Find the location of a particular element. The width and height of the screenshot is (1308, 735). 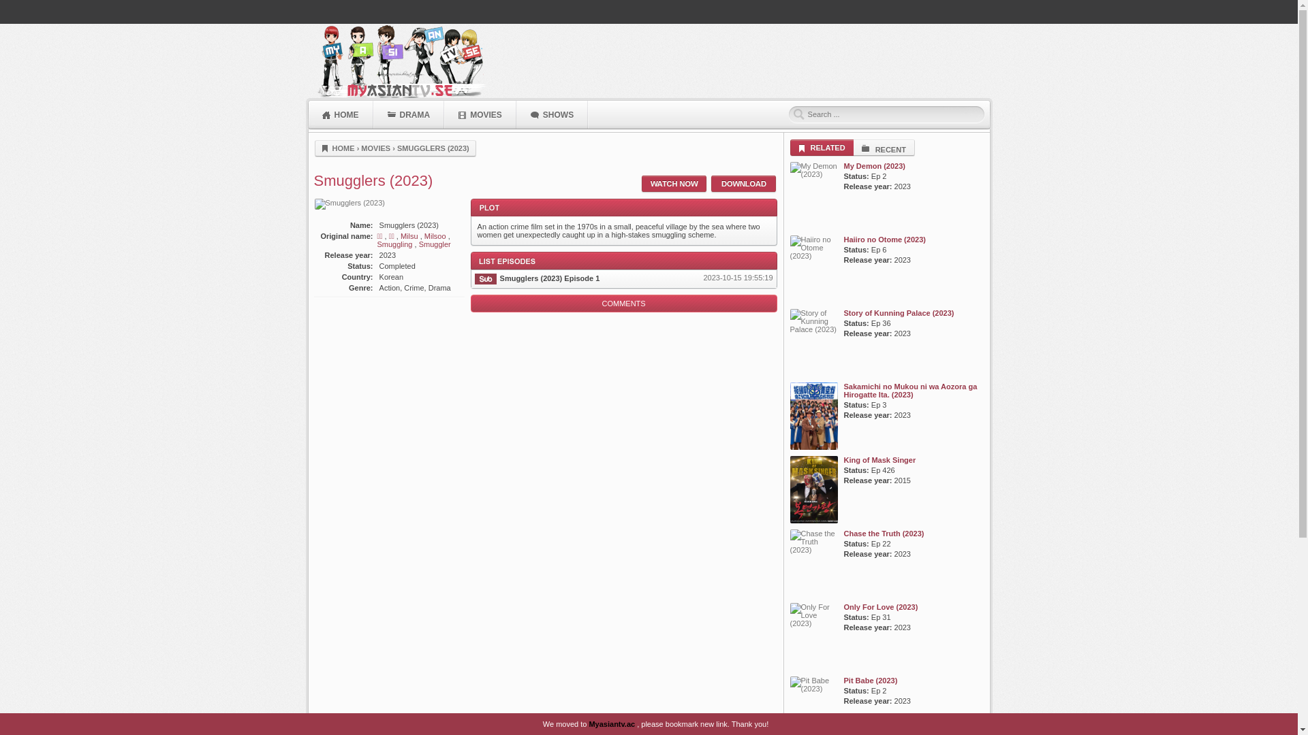

'Only For Love (2023)' is located at coordinates (880, 606).